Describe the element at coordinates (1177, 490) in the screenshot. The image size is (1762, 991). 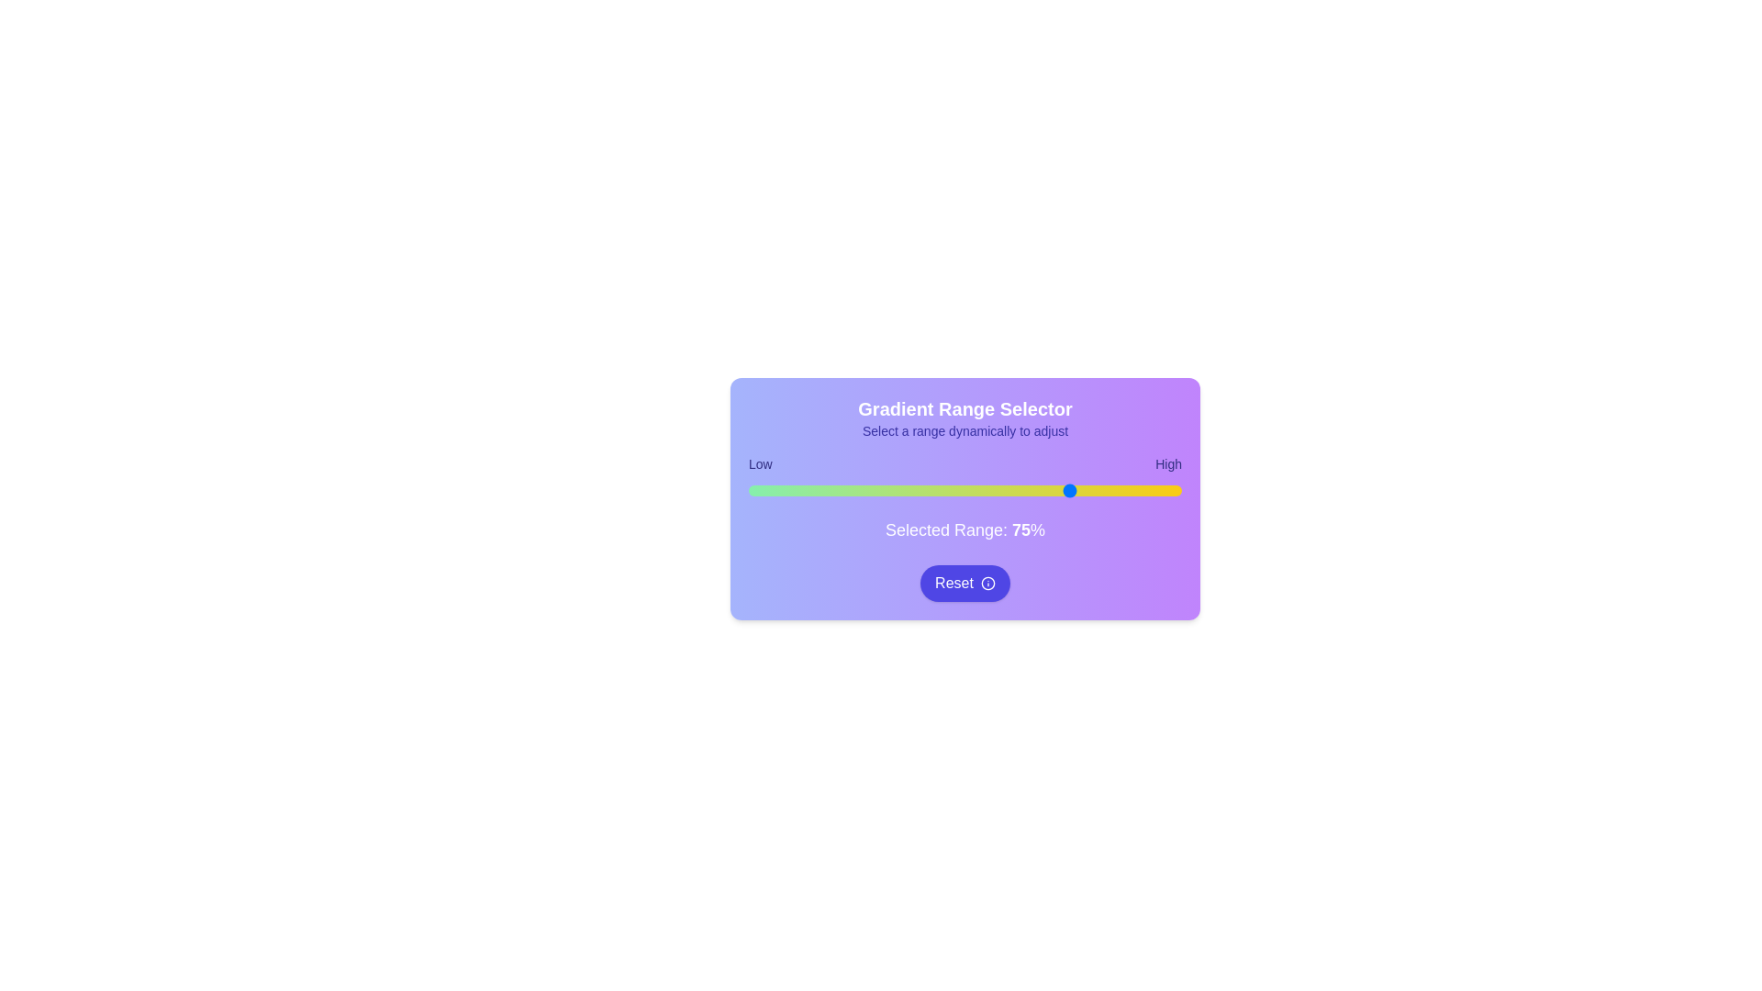
I see `the range slider to 99% by dragging the slider knob` at that location.